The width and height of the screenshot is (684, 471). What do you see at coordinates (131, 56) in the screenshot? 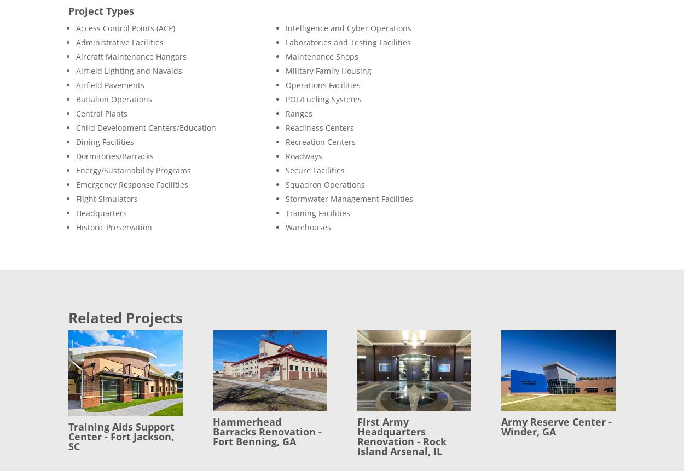
I see `'Aircraft Maintenance Hangars'` at bounding box center [131, 56].